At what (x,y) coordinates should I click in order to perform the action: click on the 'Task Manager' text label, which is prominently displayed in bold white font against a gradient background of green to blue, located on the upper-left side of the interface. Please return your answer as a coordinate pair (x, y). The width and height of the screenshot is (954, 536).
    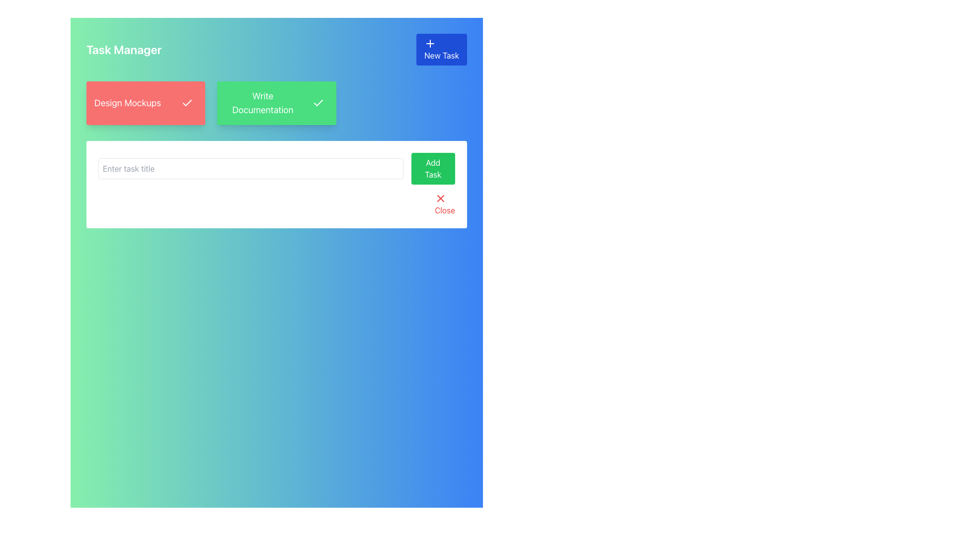
    Looking at the image, I should click on (123, 50).